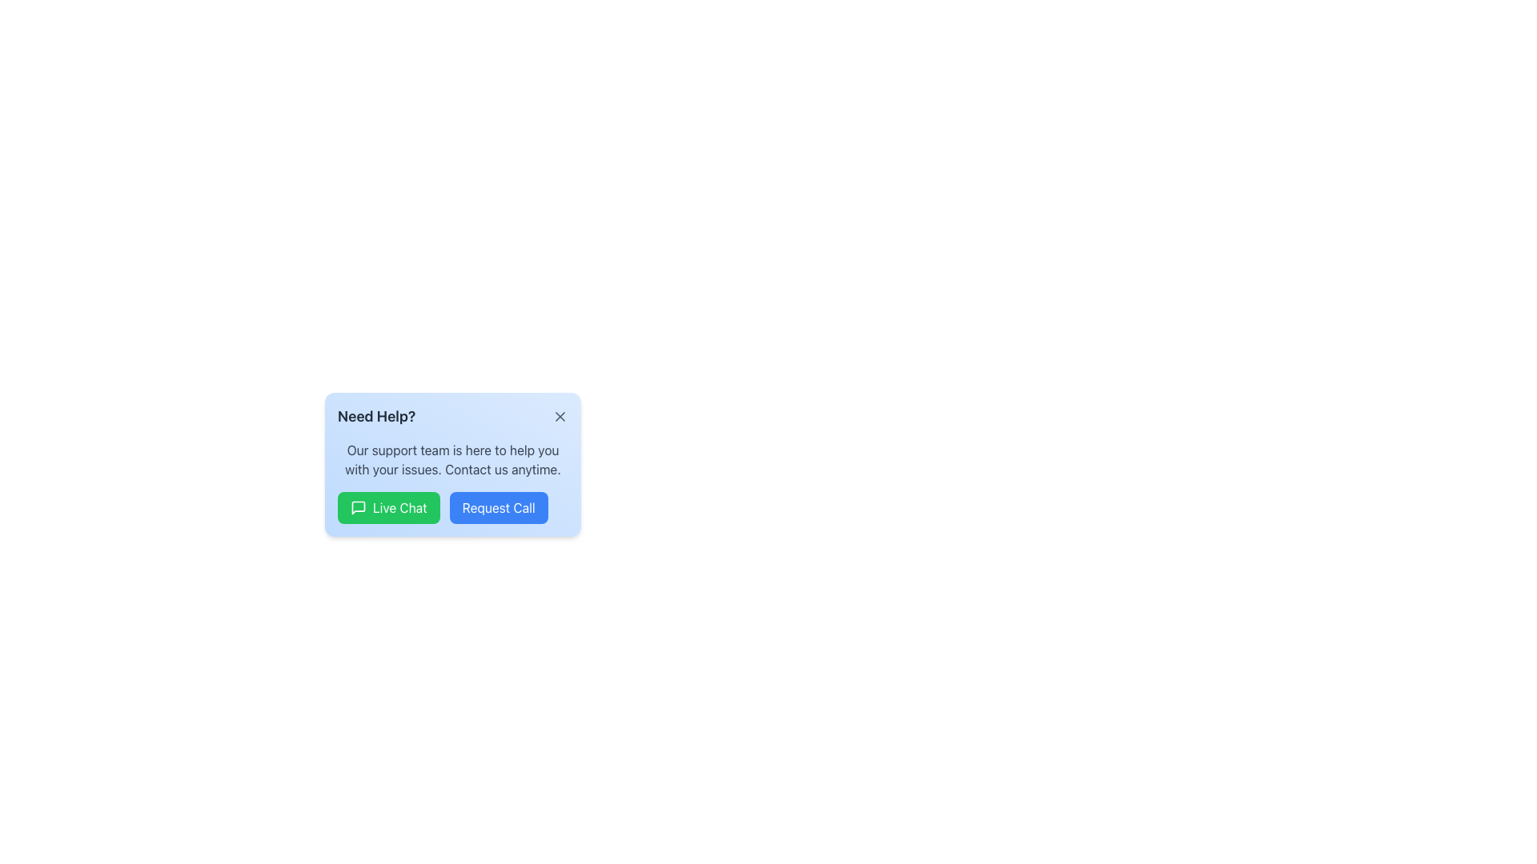 This screenshot has height=864, width=1537. I want to click on the text block stating 'Our support team is here to help you with your issues. Contact us anytime.' which is located in the dialog box under the heading 'Need Help?', so click(452, 459).